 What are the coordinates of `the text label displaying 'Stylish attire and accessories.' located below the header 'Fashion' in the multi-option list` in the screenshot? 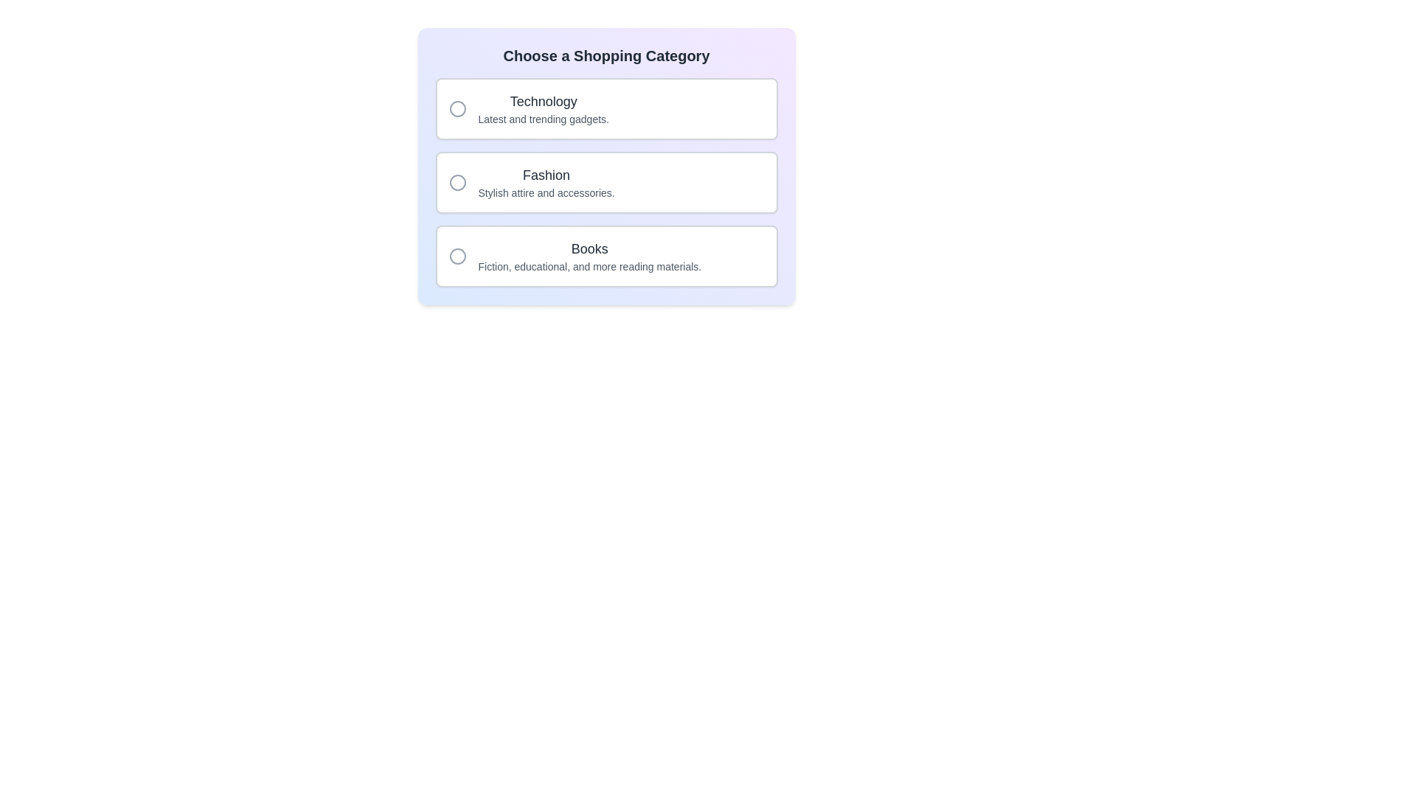 It's located at (546, 192).